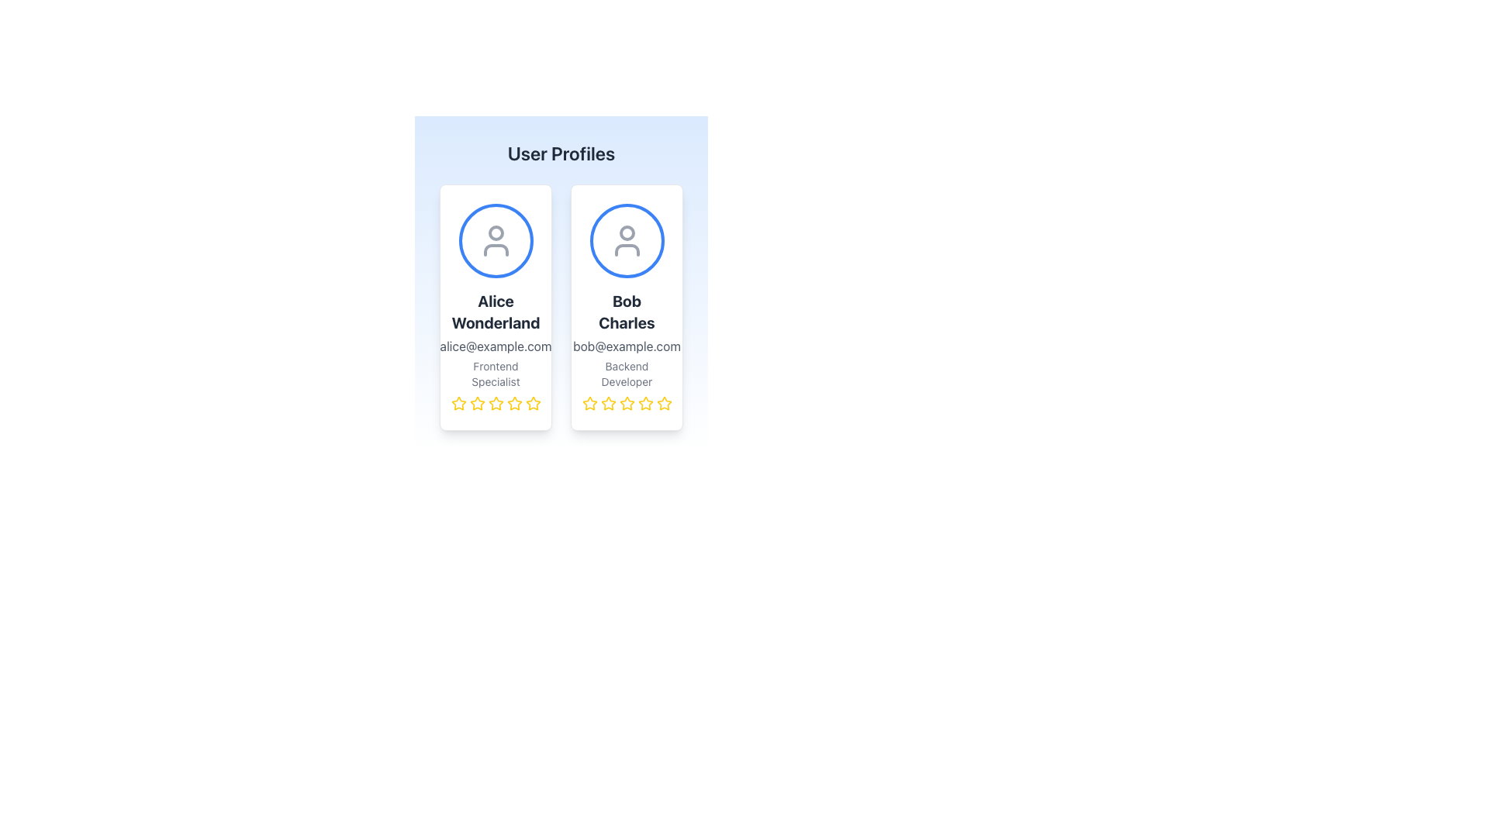 Image resolution: width=1489 pixels, height=837 pixels. What do you see at coordinates (645, 402) in the screenshot?
I see `the fifth star in the rating row below the 'Bob Charles' profile card, which serves as a rating indicator but is non-interactive` at bounding box center [645, 402].